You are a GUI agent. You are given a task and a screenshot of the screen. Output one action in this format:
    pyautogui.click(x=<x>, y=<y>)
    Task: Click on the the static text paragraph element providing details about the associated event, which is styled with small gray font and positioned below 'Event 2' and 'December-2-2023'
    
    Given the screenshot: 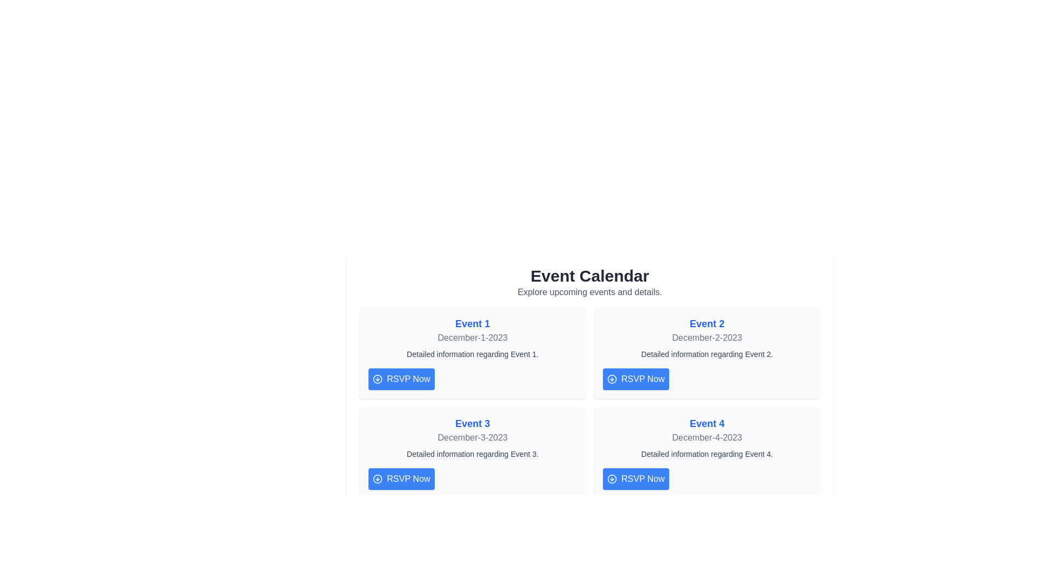 What is the action you would take?
    pyautogui.click(x=707, y=354)
    